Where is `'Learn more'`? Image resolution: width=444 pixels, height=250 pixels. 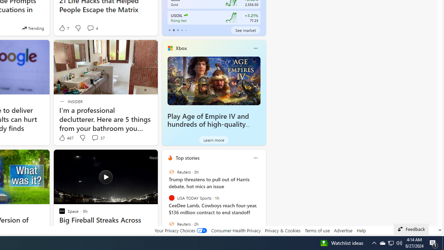
'Learn more' is located at coordinates (213, 140).